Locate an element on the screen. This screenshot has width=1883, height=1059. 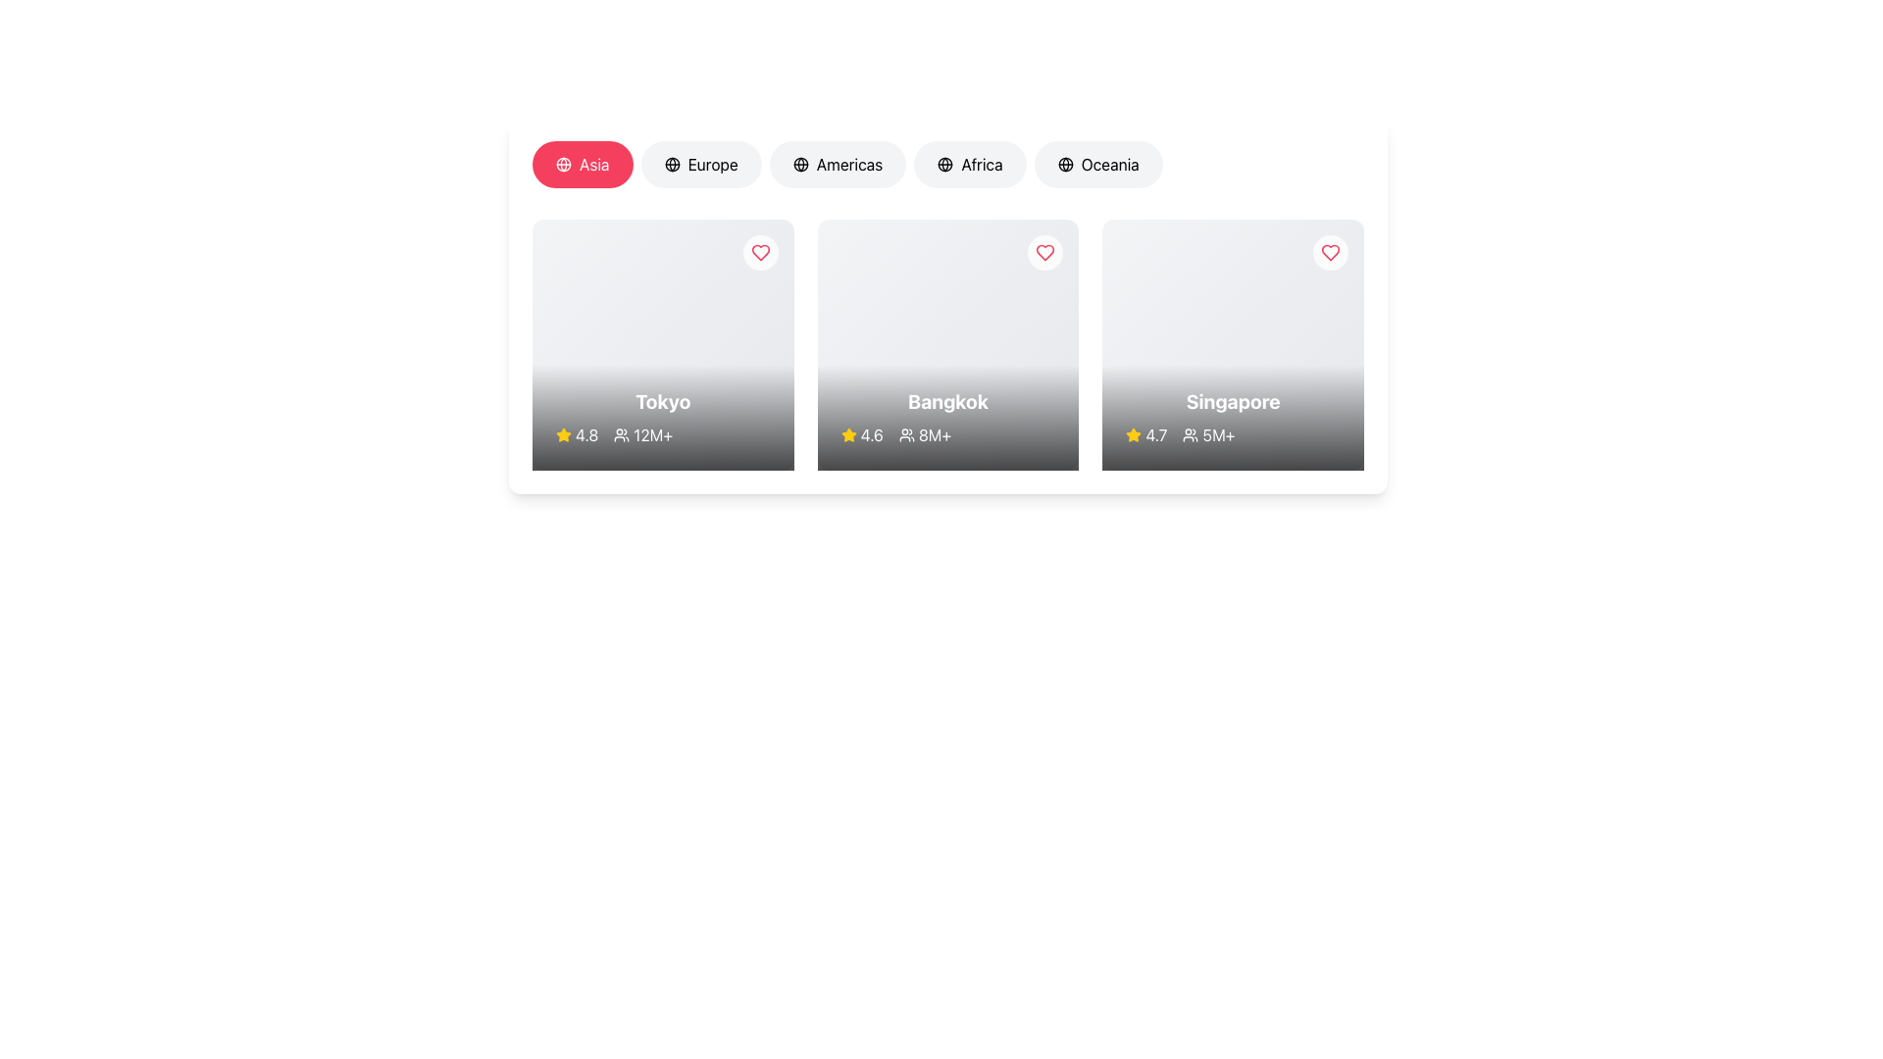
the rating value represented by the rating icon located in the bottom-left corner of the Tokyo card, which is the first rating icon from the left is located at coordinates (563, 433).